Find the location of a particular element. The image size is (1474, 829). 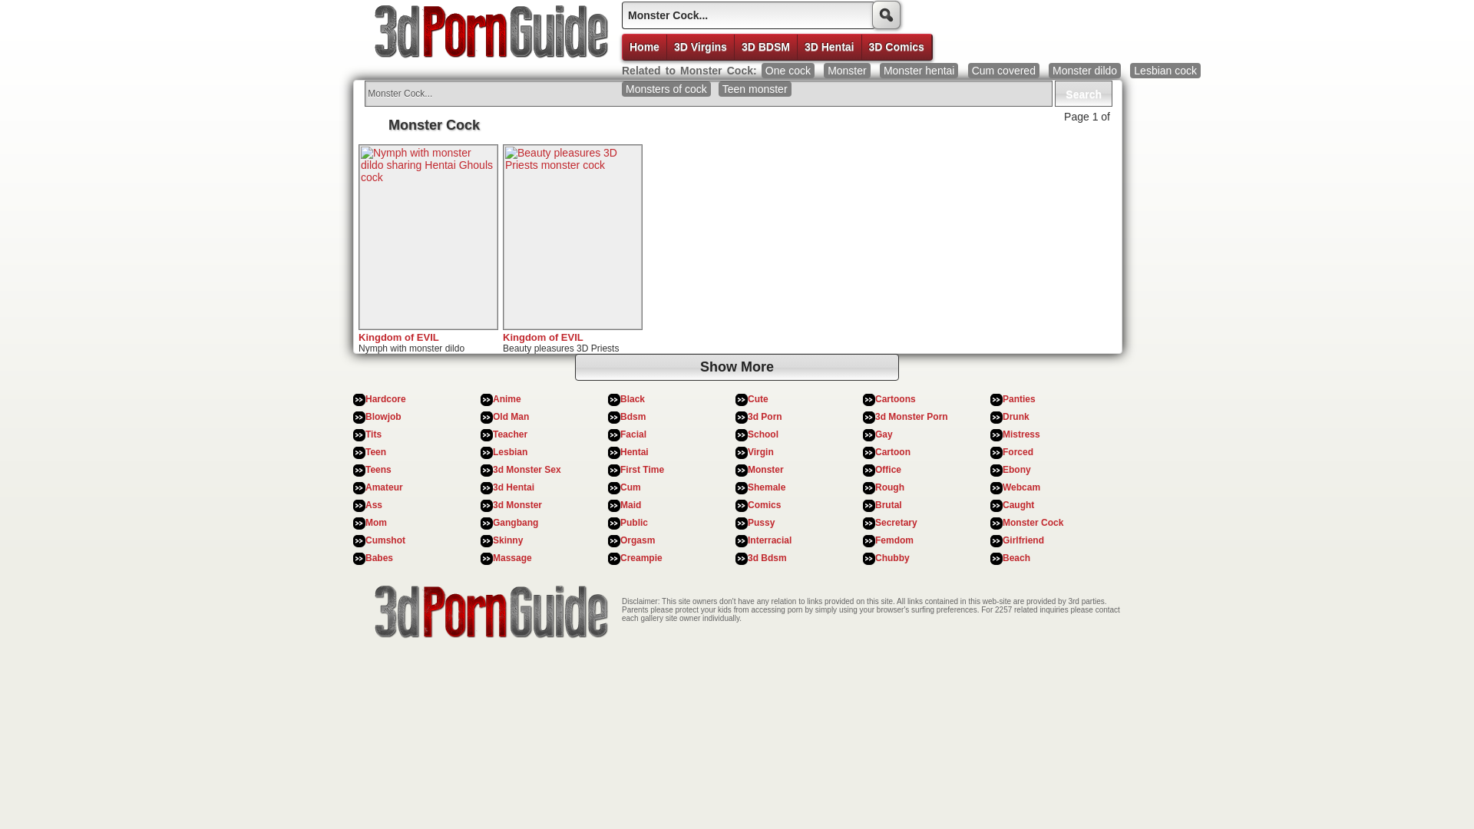

'Forced' is located at coordinates (1017, 451).